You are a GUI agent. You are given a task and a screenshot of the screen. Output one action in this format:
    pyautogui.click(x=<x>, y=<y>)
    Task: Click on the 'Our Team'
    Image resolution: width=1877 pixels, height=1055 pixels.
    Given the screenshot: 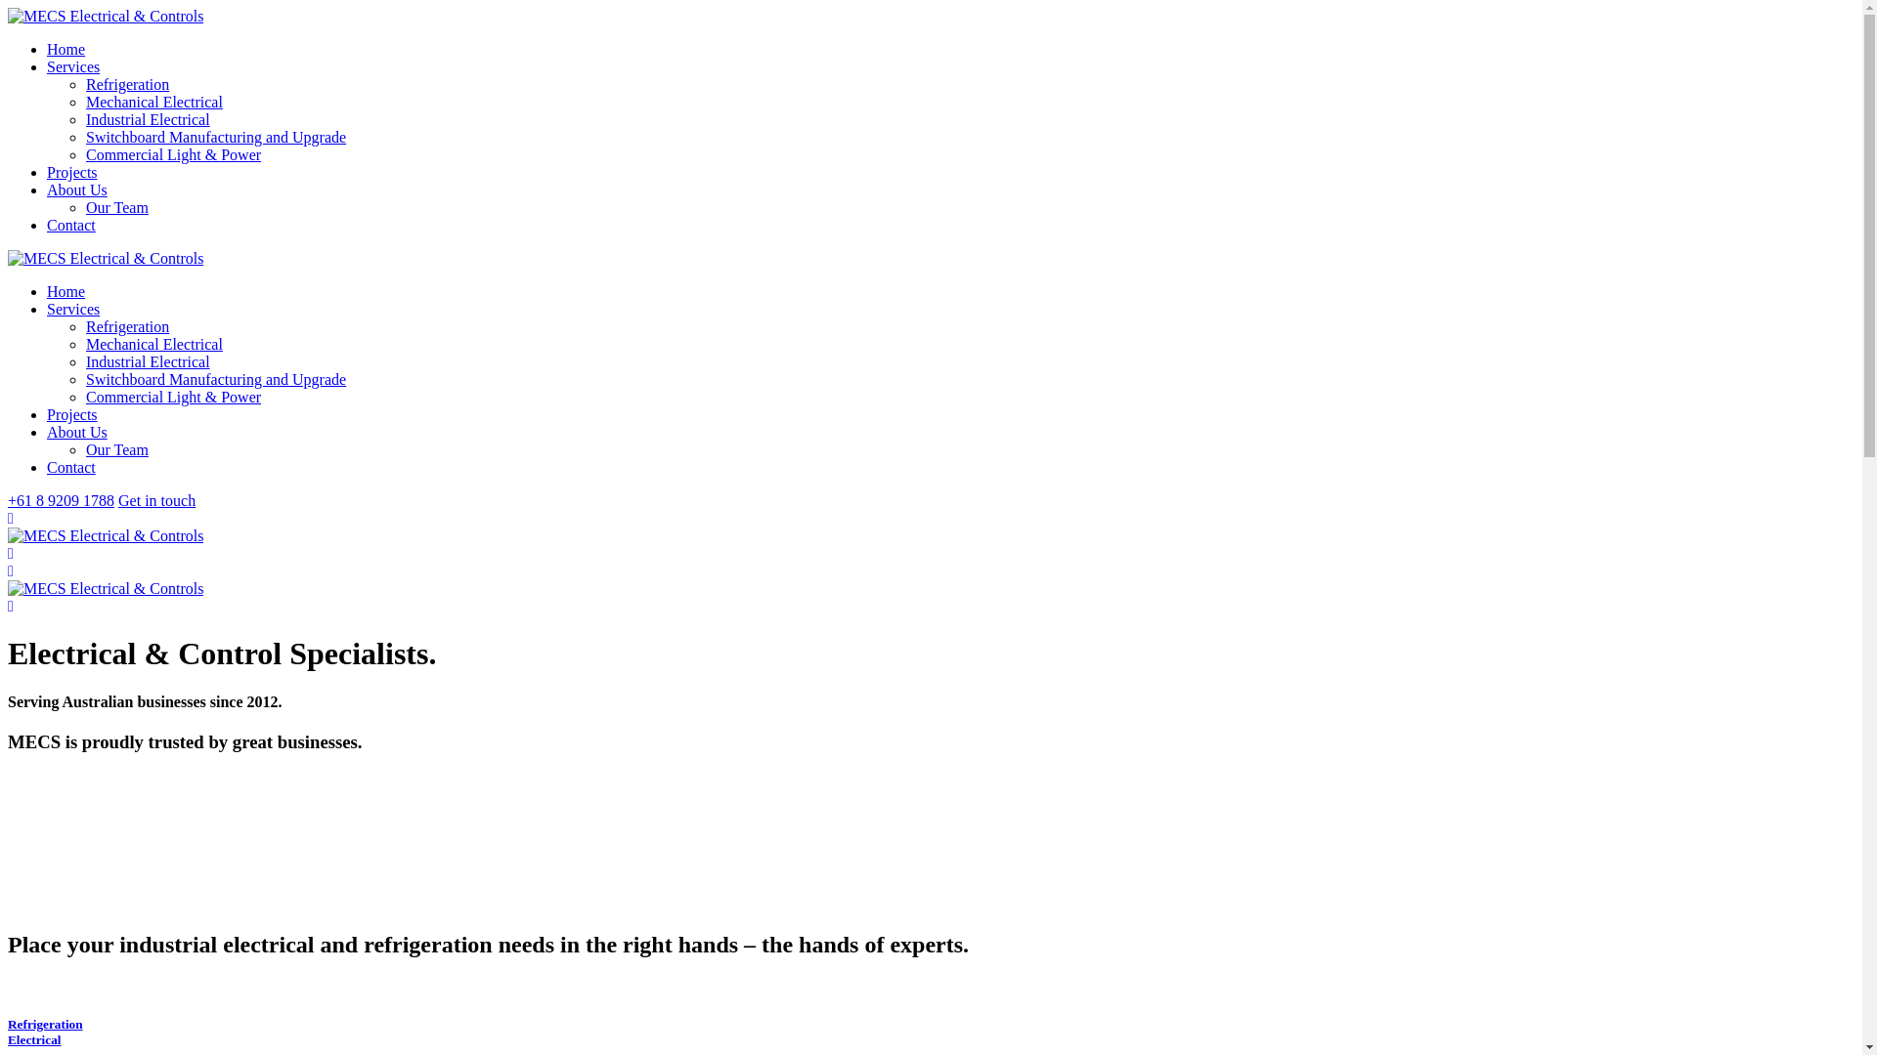 What is the action you would take?
    pyautogui.click(x=116, y=207)
    